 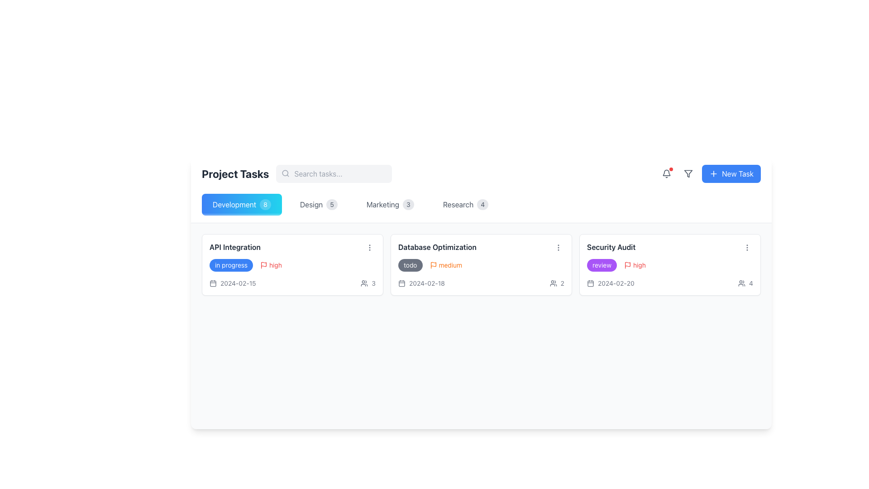 What do you see at coordinates (433, 265) in the screenshot?
I see `the orange flag icon located next to the 'medium' text in the Database Optimization card` at bounding box center [433, 265].